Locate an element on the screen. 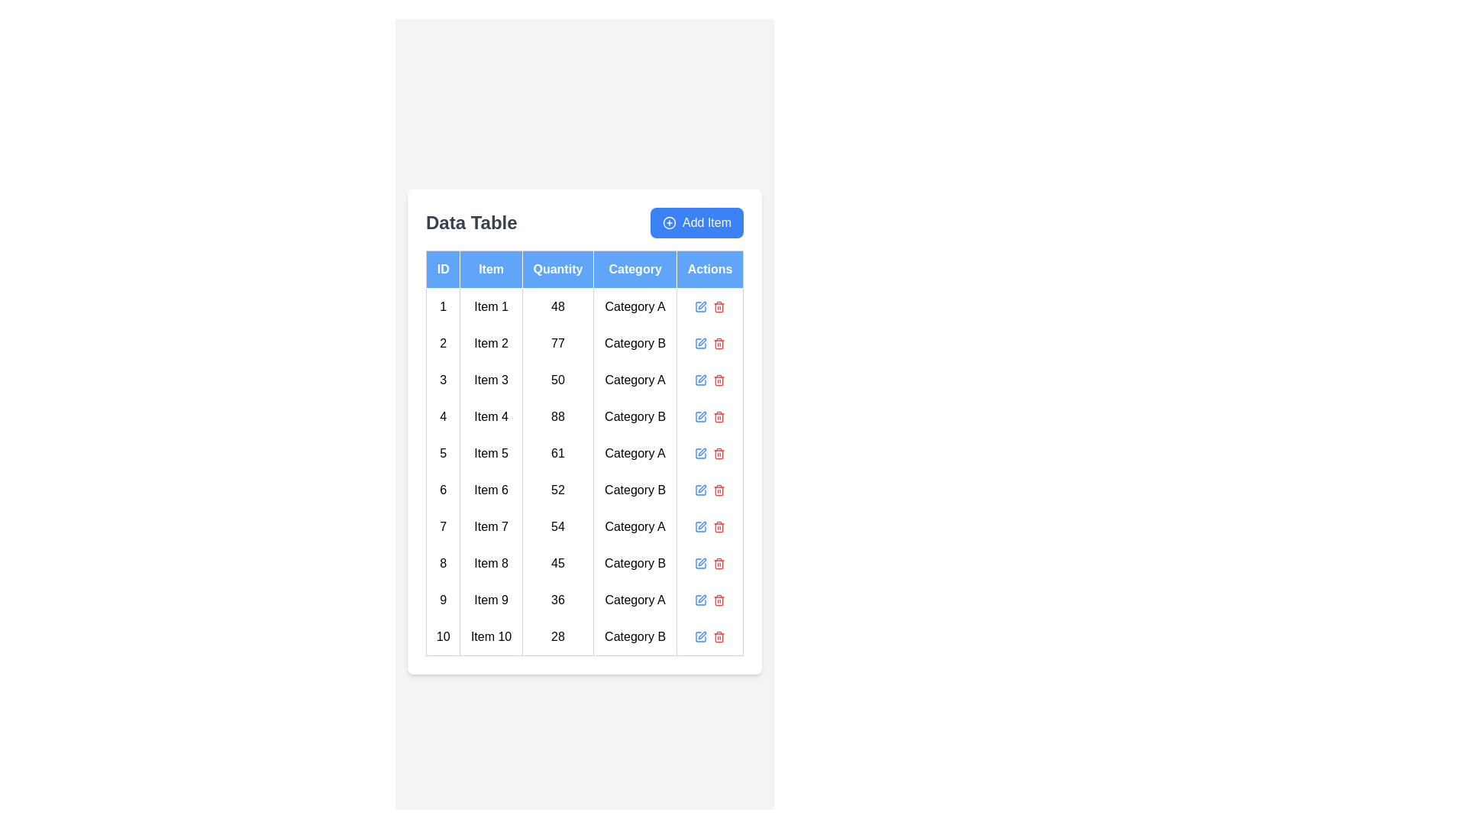  the Edit Button icon located in the actions column of the data table is located at coordinates (702, 488).